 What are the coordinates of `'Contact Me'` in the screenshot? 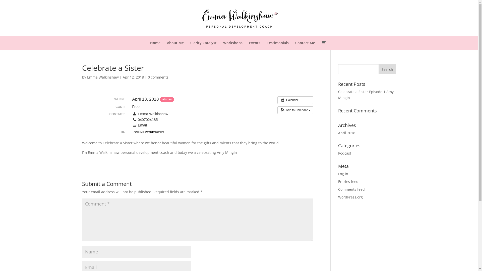 It's located at (305, 42).